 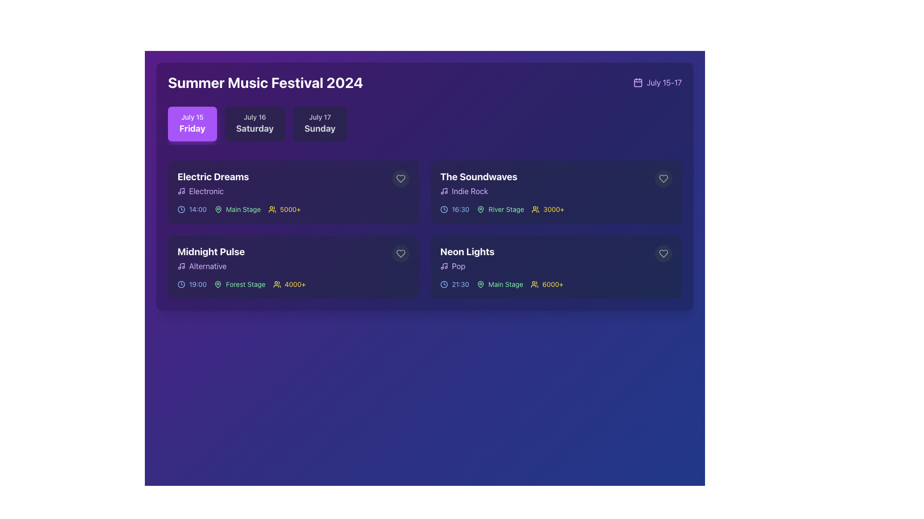 I want to click on text of the label displaying 'Electronic', which is styled in light purple and located in the second line of the 'Electric Dreams' block in the 'July 15 Friday' section, so click(x=206, y=191).